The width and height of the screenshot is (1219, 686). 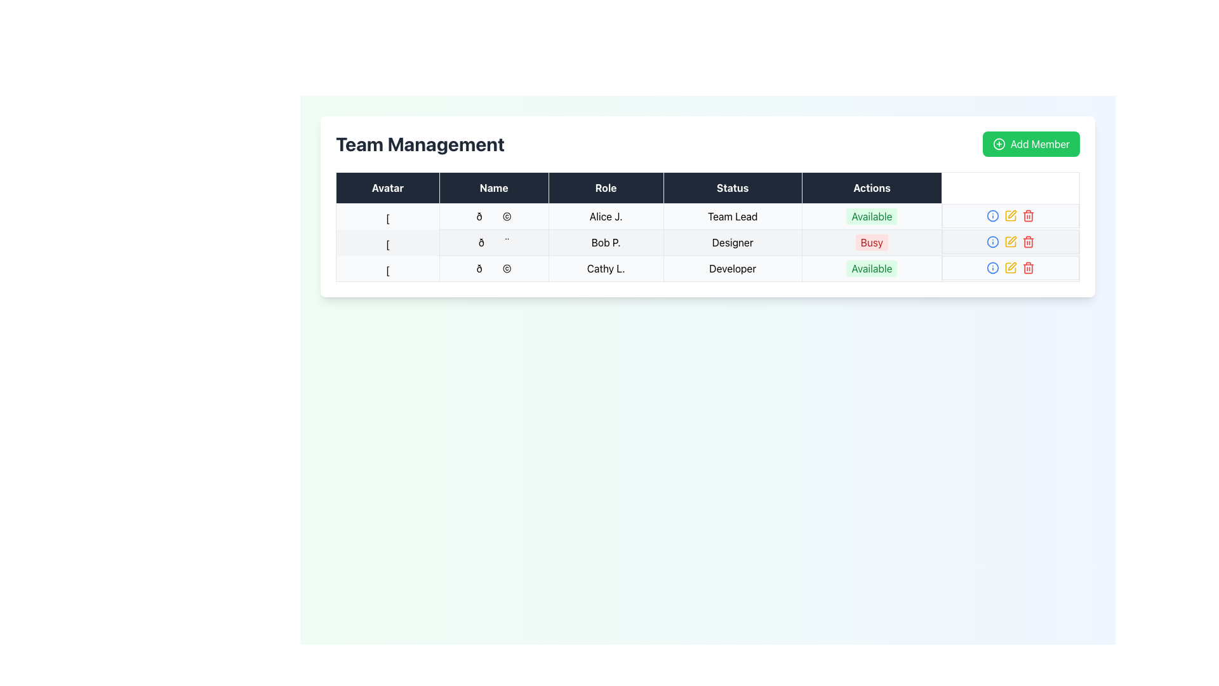 I want to click on the circle SVG graphical element located in the 'Actions' column of the second row of the table, so click(x=992, y=215).